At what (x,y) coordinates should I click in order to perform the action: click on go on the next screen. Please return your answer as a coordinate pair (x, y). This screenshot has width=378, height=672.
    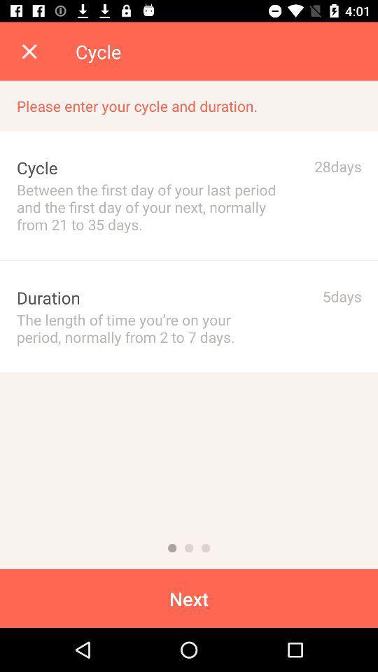
    Looking at the image, I should click on (189, 548).